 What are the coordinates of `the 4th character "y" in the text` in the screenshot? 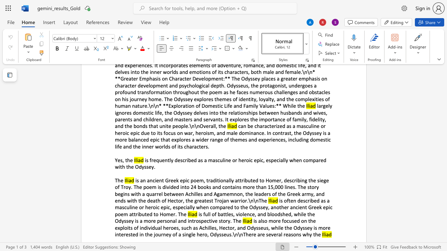 It's located at (152, 167).